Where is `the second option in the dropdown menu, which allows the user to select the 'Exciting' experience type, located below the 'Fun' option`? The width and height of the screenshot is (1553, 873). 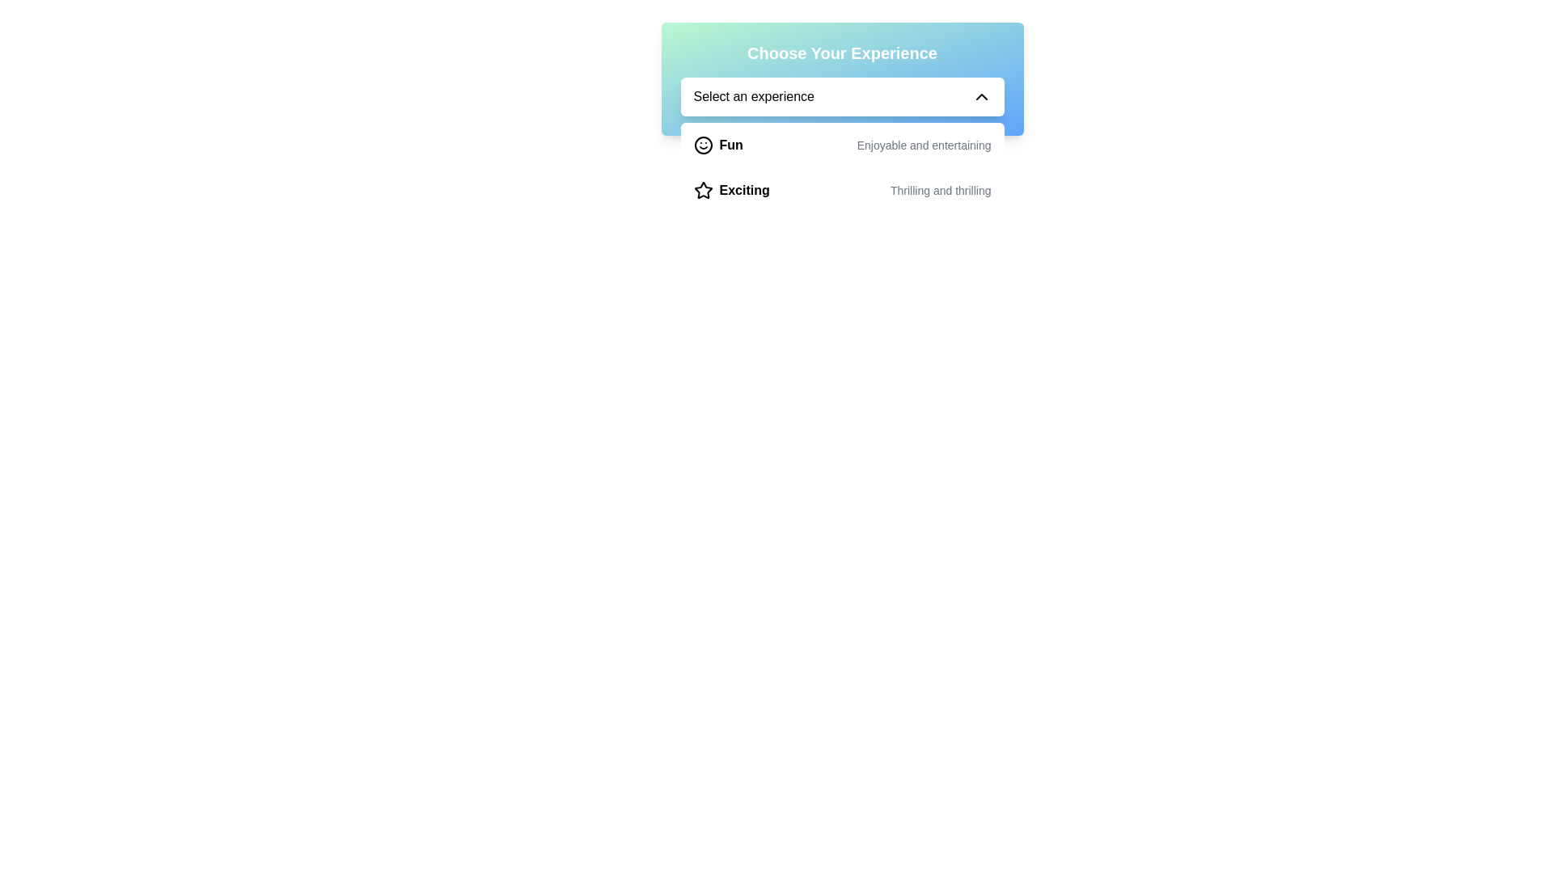
the second option in the dropdown menu, which allows the user to select the 'Exciting' experience type, located below the 'Fun' option is located at coordinates (841, 168).